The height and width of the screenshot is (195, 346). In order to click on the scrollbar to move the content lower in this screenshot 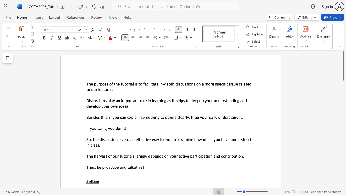, I will do `click(343, 167)`.